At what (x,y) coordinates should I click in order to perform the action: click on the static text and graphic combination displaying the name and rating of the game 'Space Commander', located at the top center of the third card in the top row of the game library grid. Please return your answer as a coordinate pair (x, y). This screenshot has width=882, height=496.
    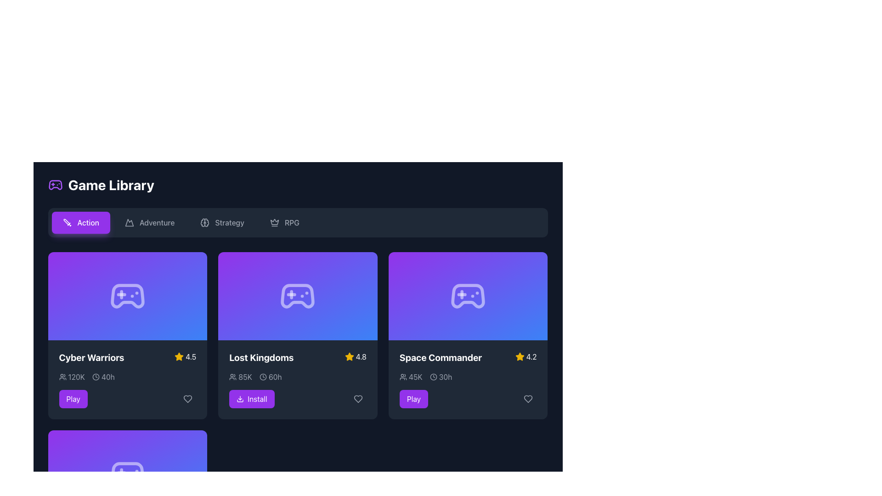
    Looking at the image, I should click on (468, 357).